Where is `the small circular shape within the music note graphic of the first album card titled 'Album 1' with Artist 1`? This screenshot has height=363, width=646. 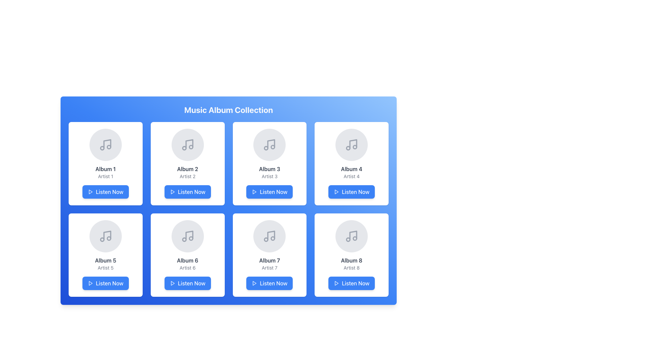
the small circular shape within the music note graphic of the first album card titled 'Album 1' with Artist 1 is located at coordinates (102, 148).